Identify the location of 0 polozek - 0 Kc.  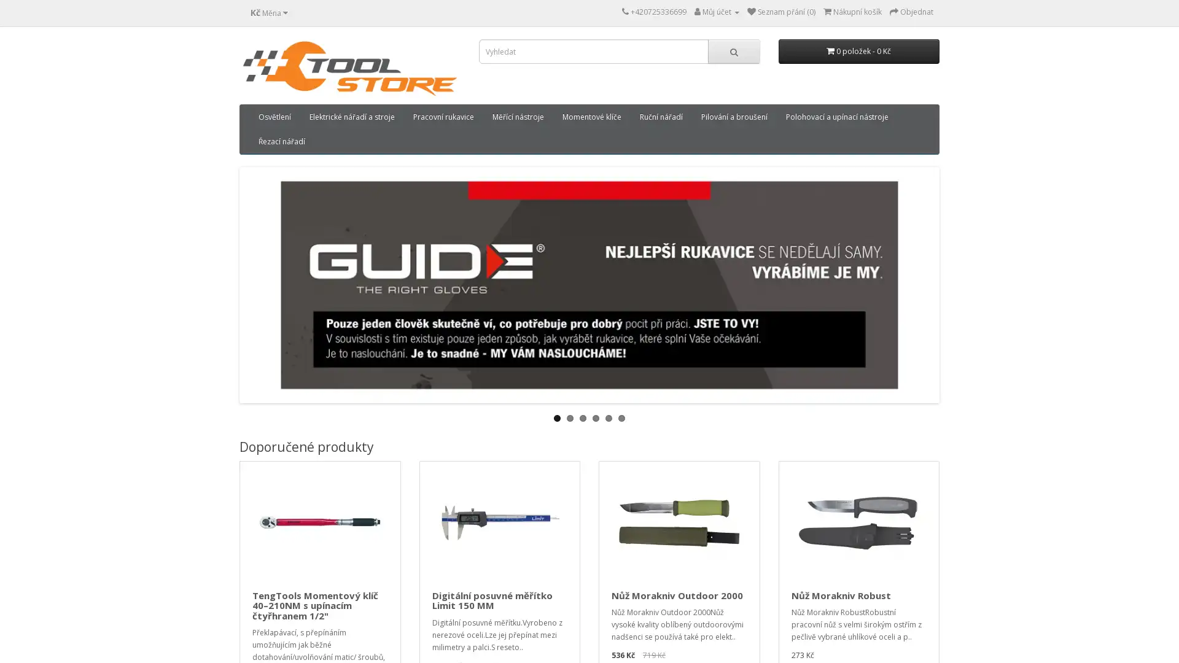
(858, 51).